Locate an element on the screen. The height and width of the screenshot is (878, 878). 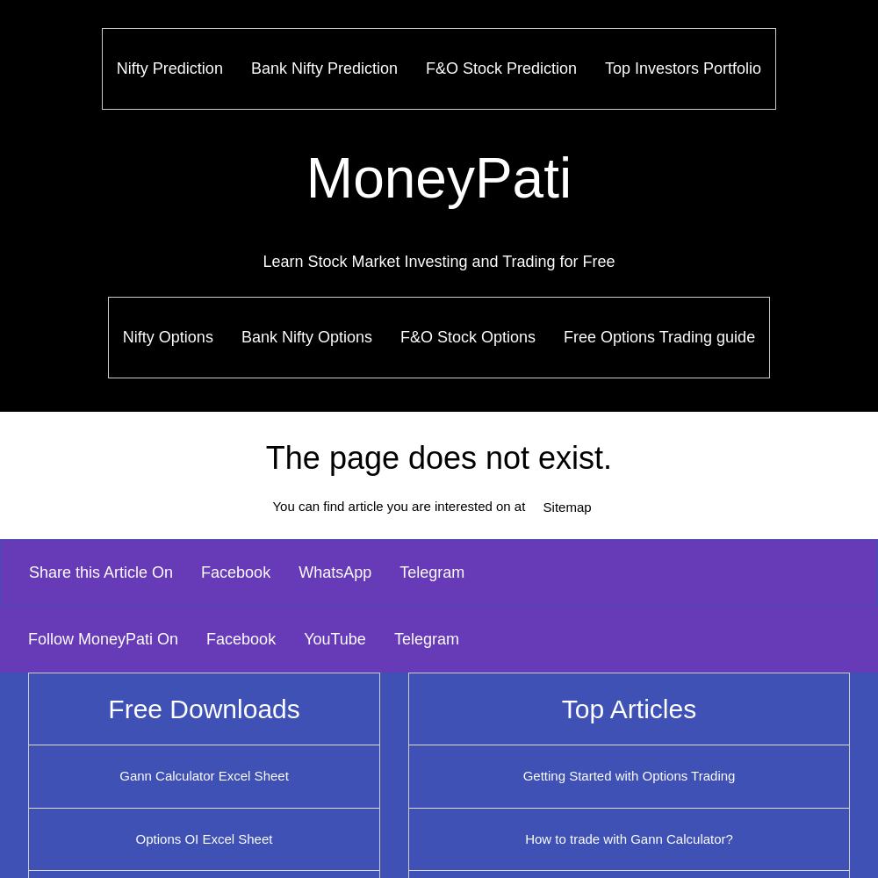
'Share this Article On' is located at coordinates (100, 572).